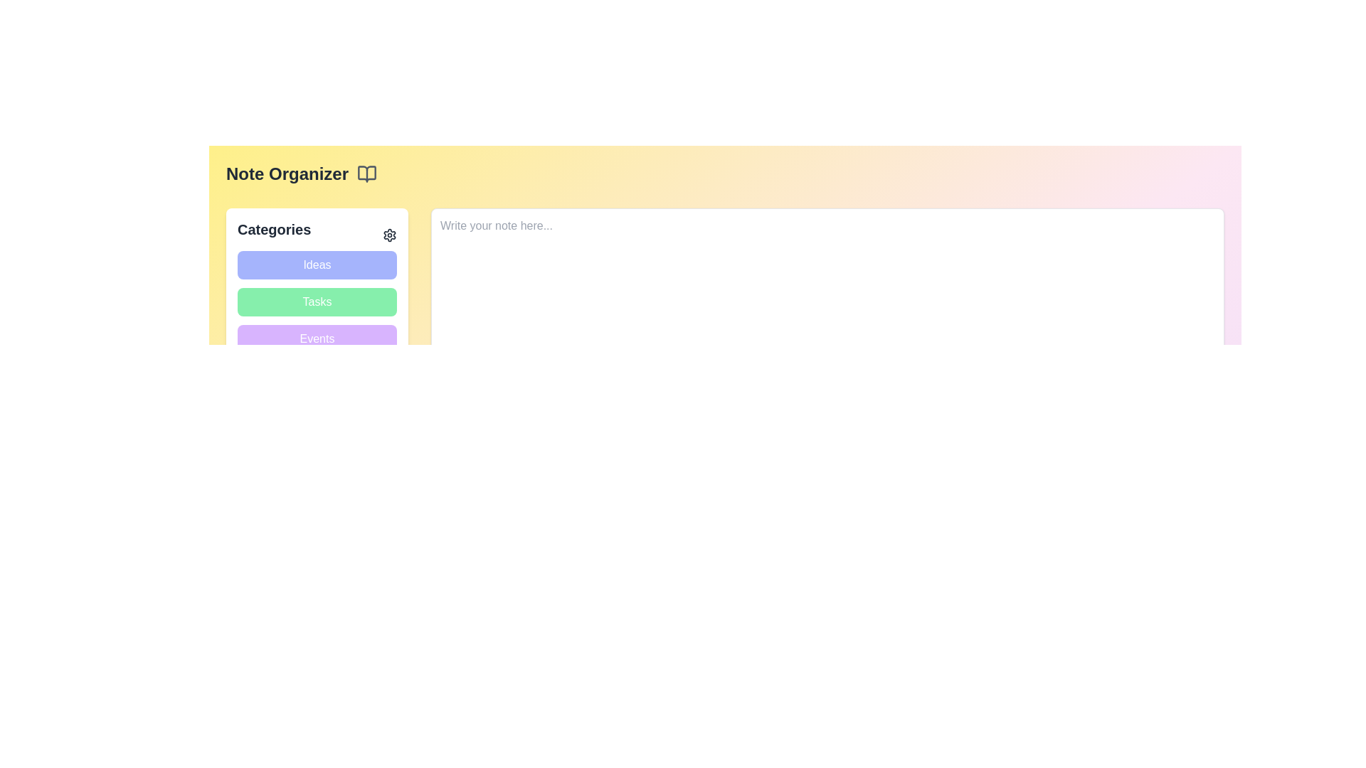 The image size is (1366, 768). I want to click on the 'Events' button, which is the third button in the vertically stacked group of category selectors labeled 'Ideas', 'Tasks', and 'Events', so click(317, 339).